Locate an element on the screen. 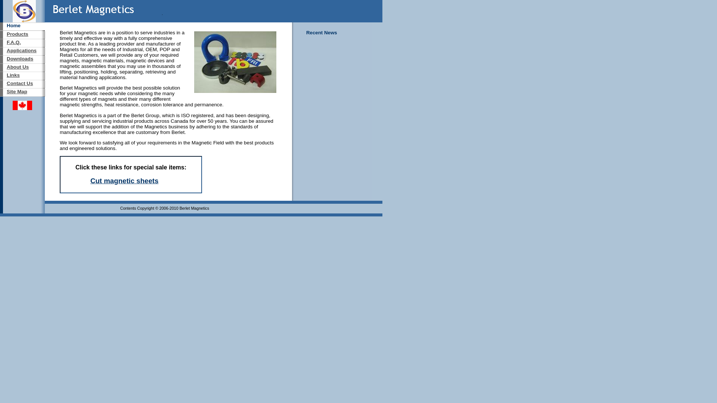 The height and width of the screenshot is (403, 717). 'F.A.Q.' is located at coordinates (7, 42).